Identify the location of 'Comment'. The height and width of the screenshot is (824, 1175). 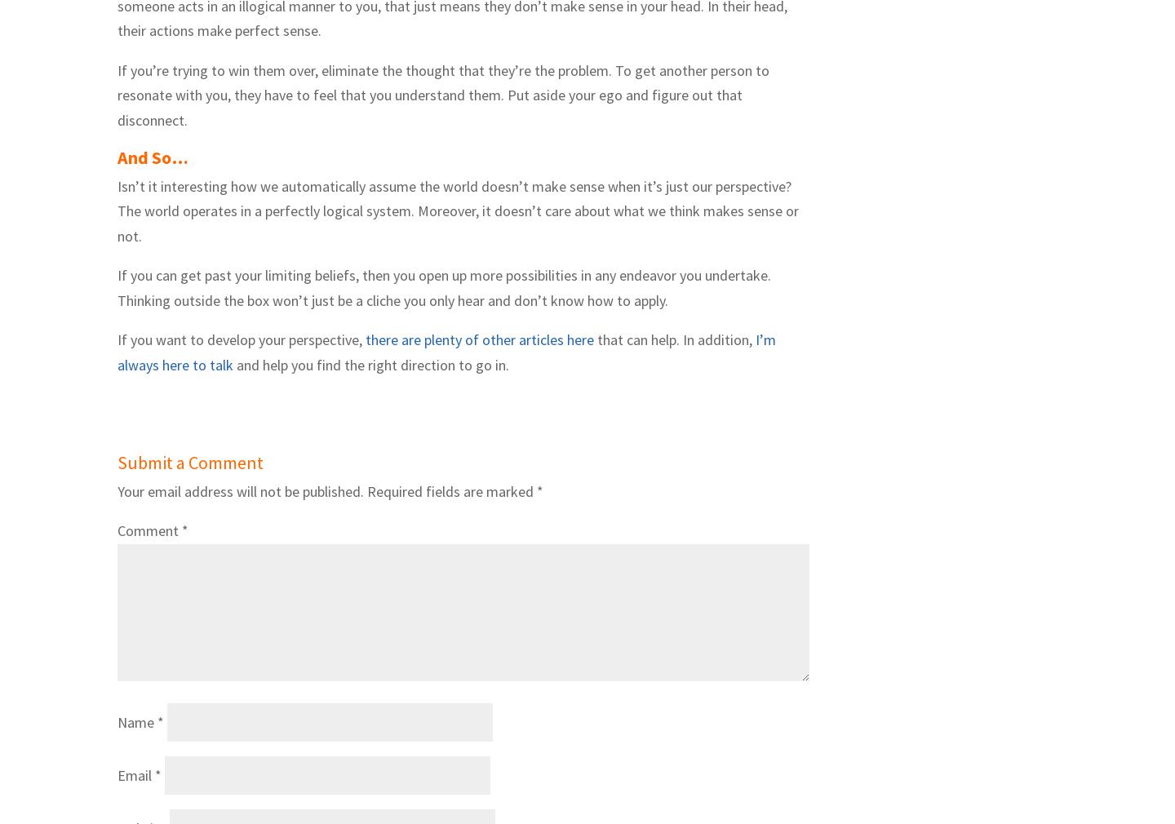
(149, 529).